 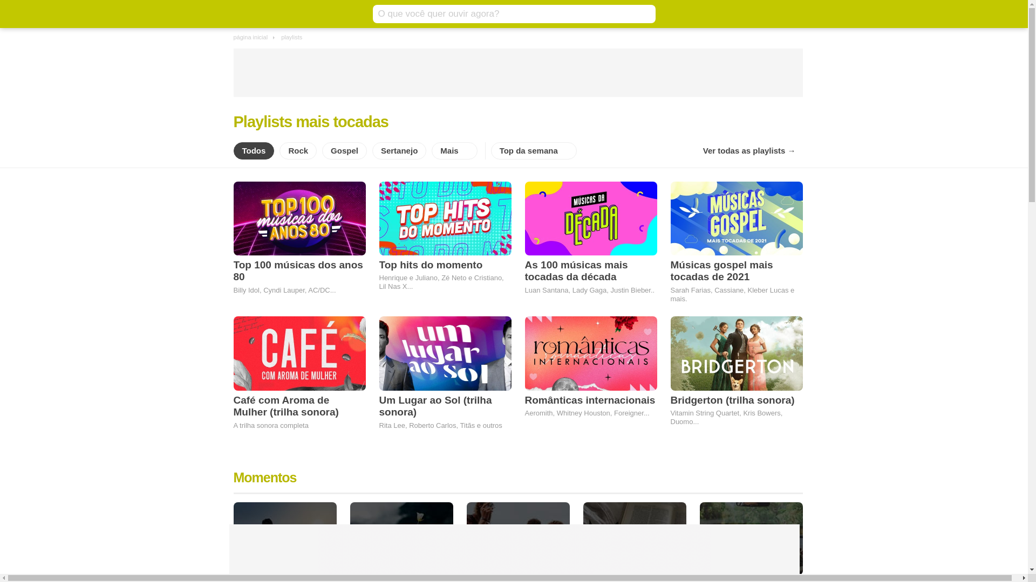 I want to click on '3rd party ad content', so click(x=513, y=549).